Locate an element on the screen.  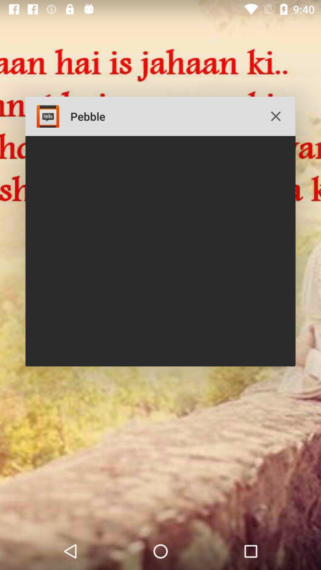
the close icon is located at coordinates (276, 116).